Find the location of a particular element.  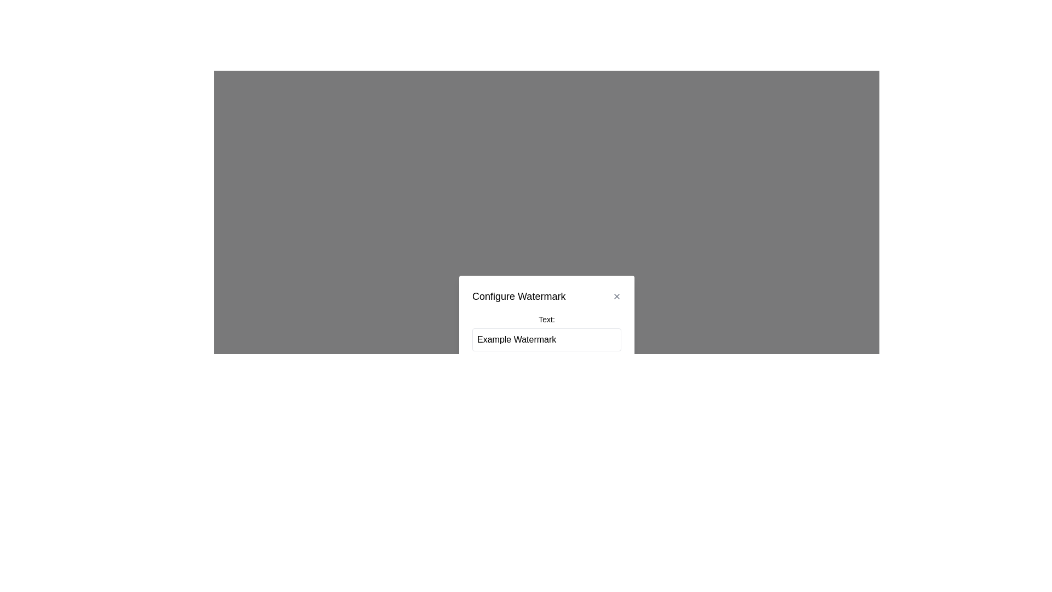

text header labeled 'Configure Watermark' which is displayed in a bold font style at the top of the modal window is located at coordinates (547, 296).